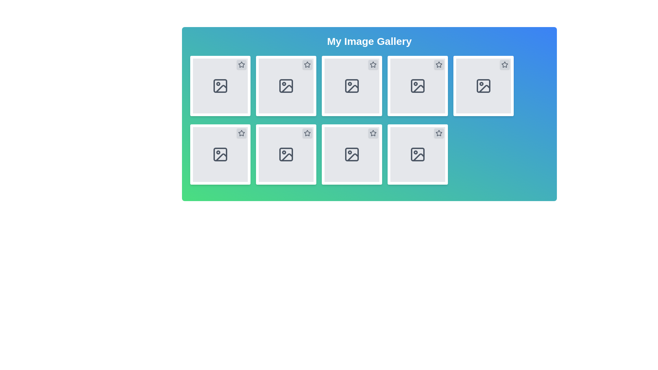  What do you see at coordinates (439, 133) in the screenshot?
I see `the star icon located in the top-right corner of the 8th image card in the gallery` at bounding box center [439, 133].